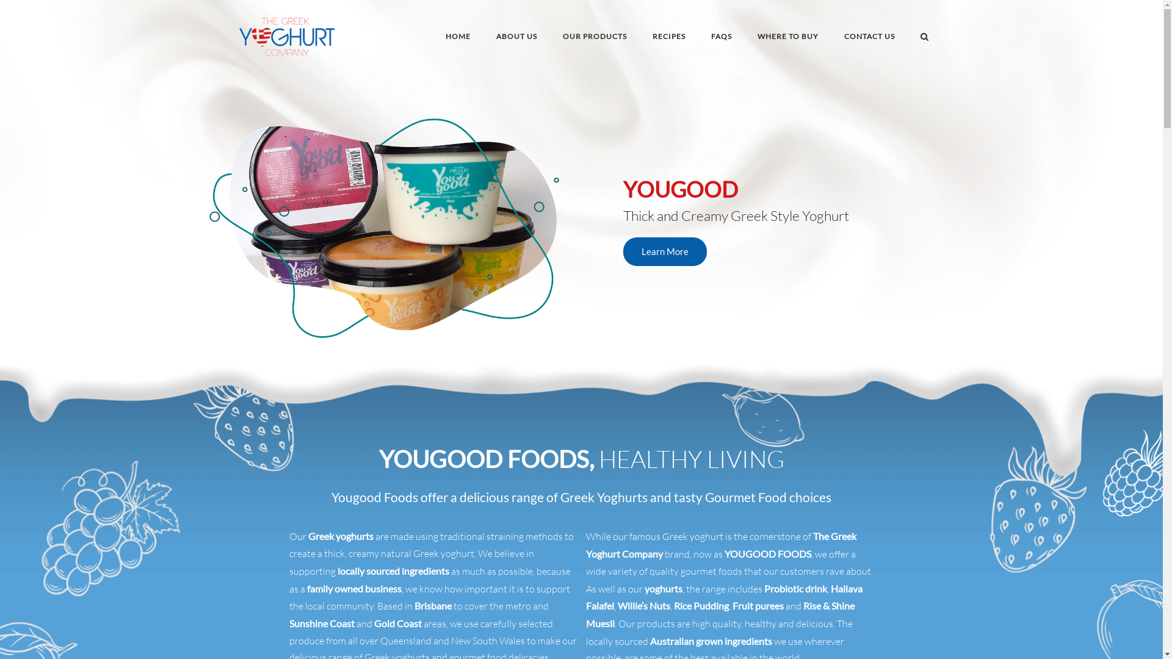 This screenshot has height=659, width=1172. Describe the element at coordinates (787, 37) in the screenshot. I see `'WHERE TO BUY'` at that location.